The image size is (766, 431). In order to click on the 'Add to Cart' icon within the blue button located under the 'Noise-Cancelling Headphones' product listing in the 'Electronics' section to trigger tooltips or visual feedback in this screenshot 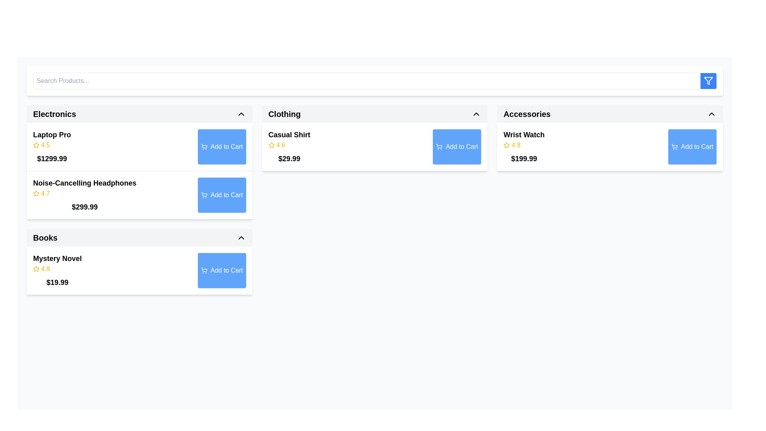, I will do `click(204, 195)`.